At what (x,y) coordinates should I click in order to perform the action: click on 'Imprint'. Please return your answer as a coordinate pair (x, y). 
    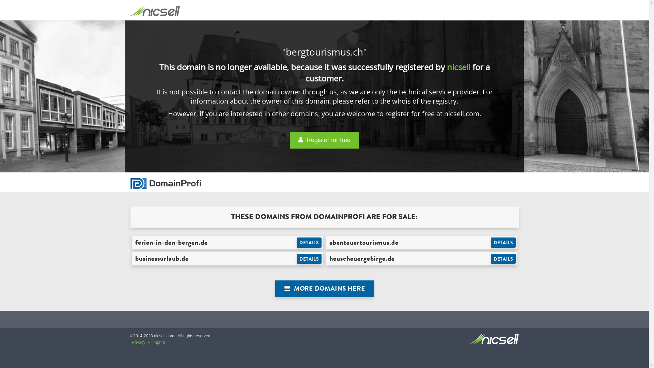
    Looking at the image, I should click on (158, 342).